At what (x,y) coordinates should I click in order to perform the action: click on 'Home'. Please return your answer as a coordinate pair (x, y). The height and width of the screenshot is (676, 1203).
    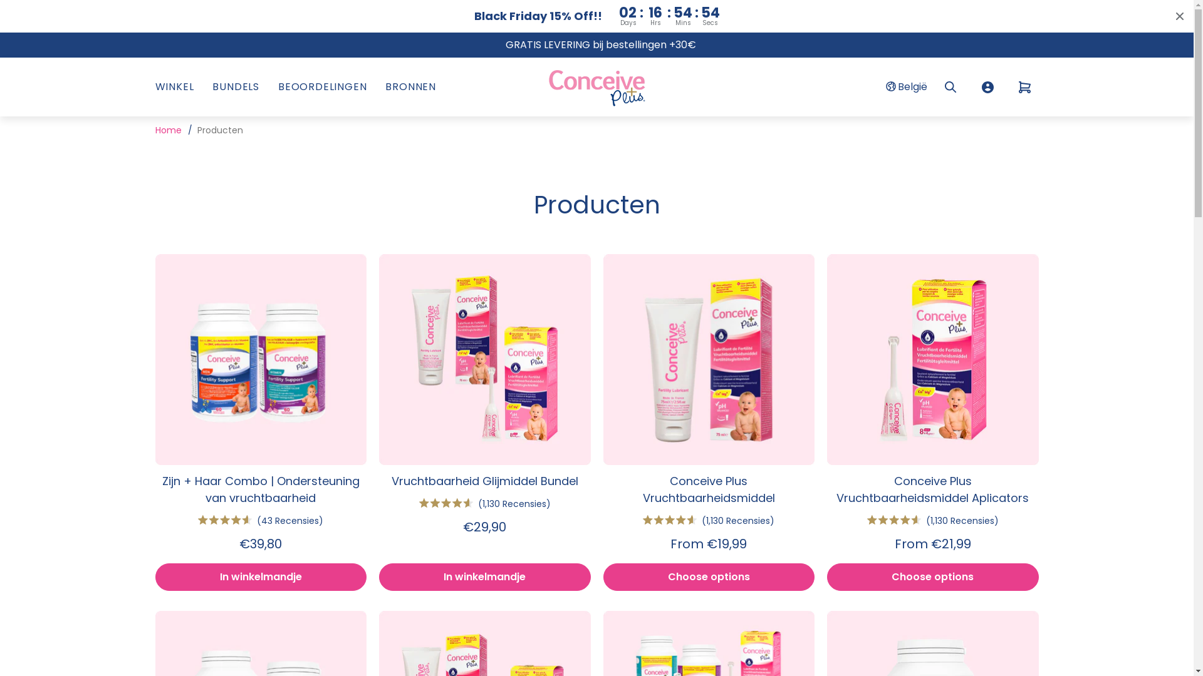
    Looking at the image, I should click on (169, 130).